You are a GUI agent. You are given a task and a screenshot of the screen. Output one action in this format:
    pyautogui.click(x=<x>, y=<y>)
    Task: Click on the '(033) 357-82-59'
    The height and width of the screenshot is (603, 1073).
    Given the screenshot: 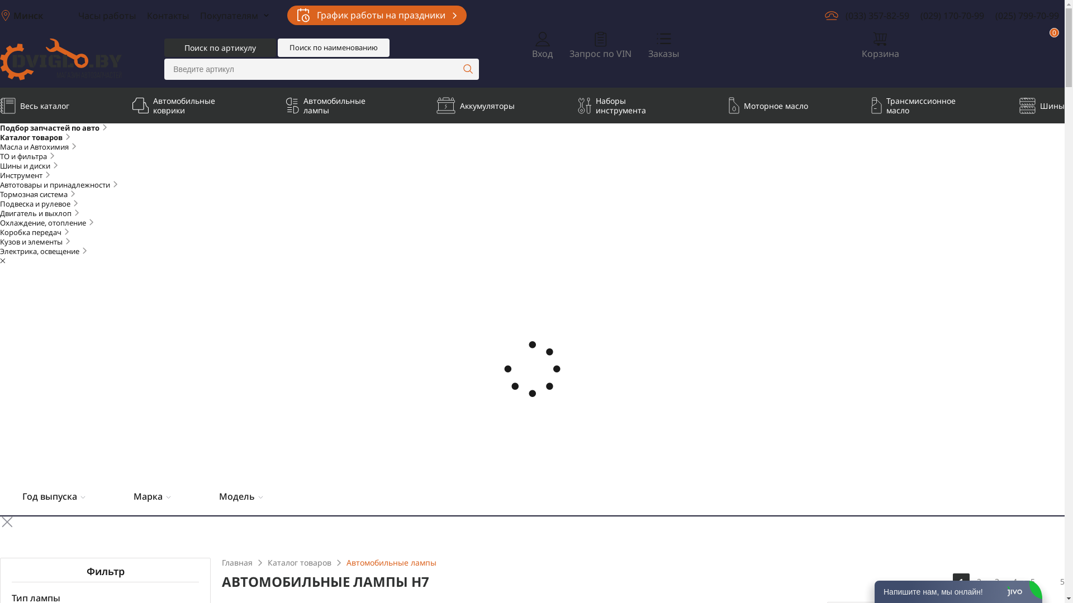 What is the action you would take?
    pyautogui.click(x=876, y=15)
    